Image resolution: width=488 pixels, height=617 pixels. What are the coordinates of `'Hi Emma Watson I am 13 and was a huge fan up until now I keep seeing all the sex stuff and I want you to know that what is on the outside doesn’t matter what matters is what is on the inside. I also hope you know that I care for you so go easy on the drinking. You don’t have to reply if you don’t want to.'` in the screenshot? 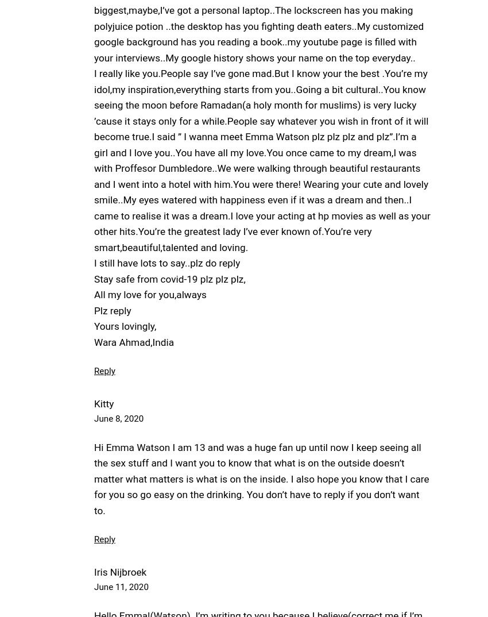 It's located at (261, 478).